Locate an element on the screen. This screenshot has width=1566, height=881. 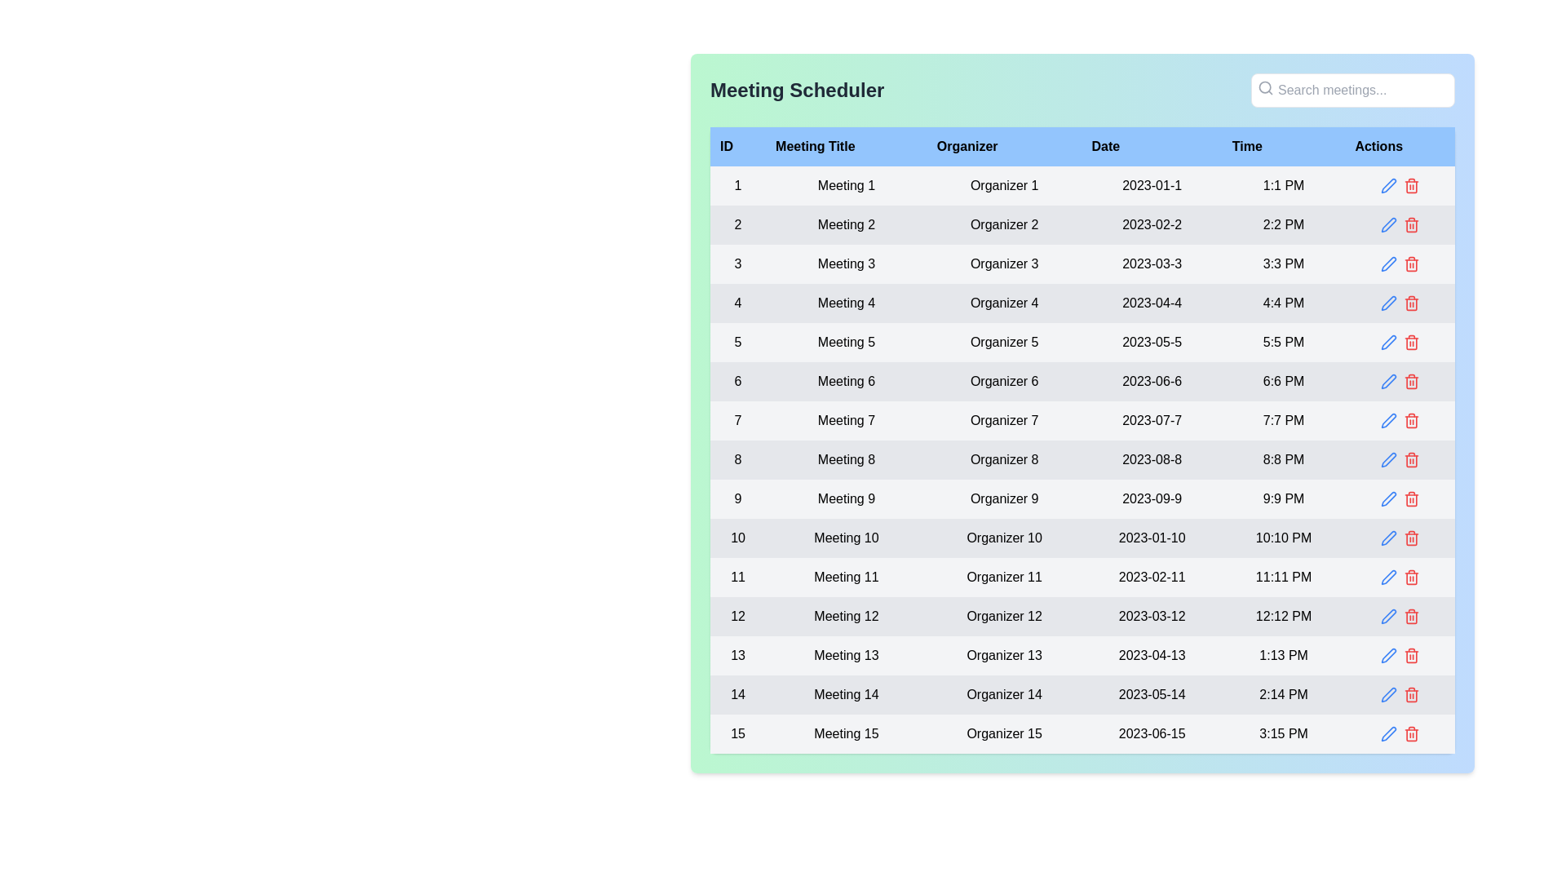
the static text displaying the date in the fourth row of the meeting schedule table, which is centered in the column labeled 'Date' is located at coordinates (1151, 303).